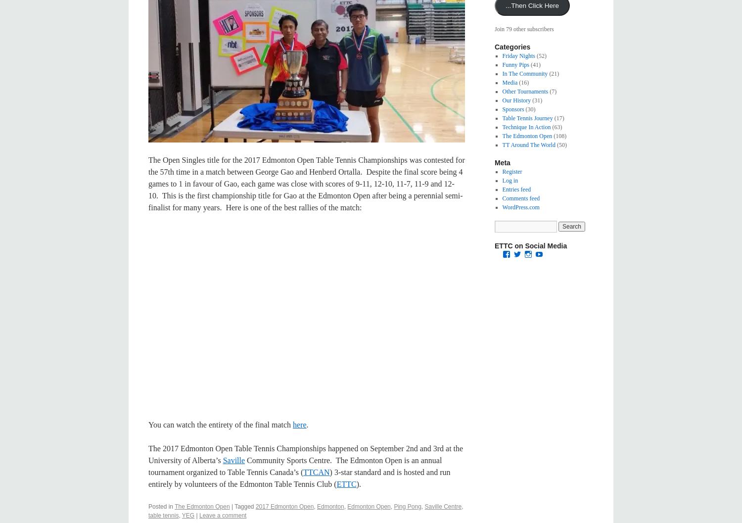 The image size is (742, 523). I want to click on '(21)', so click(553, 73).